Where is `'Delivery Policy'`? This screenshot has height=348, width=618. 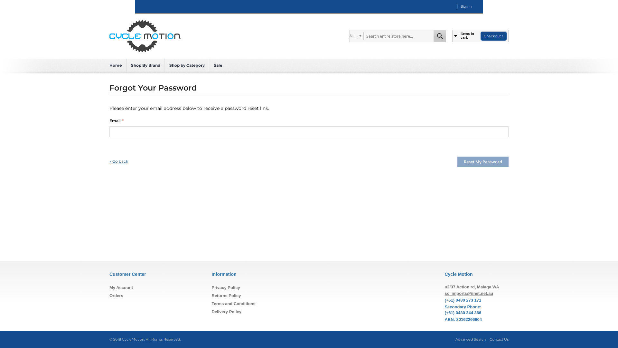 'Delivery Policy' is located at coordinates (227, 311).